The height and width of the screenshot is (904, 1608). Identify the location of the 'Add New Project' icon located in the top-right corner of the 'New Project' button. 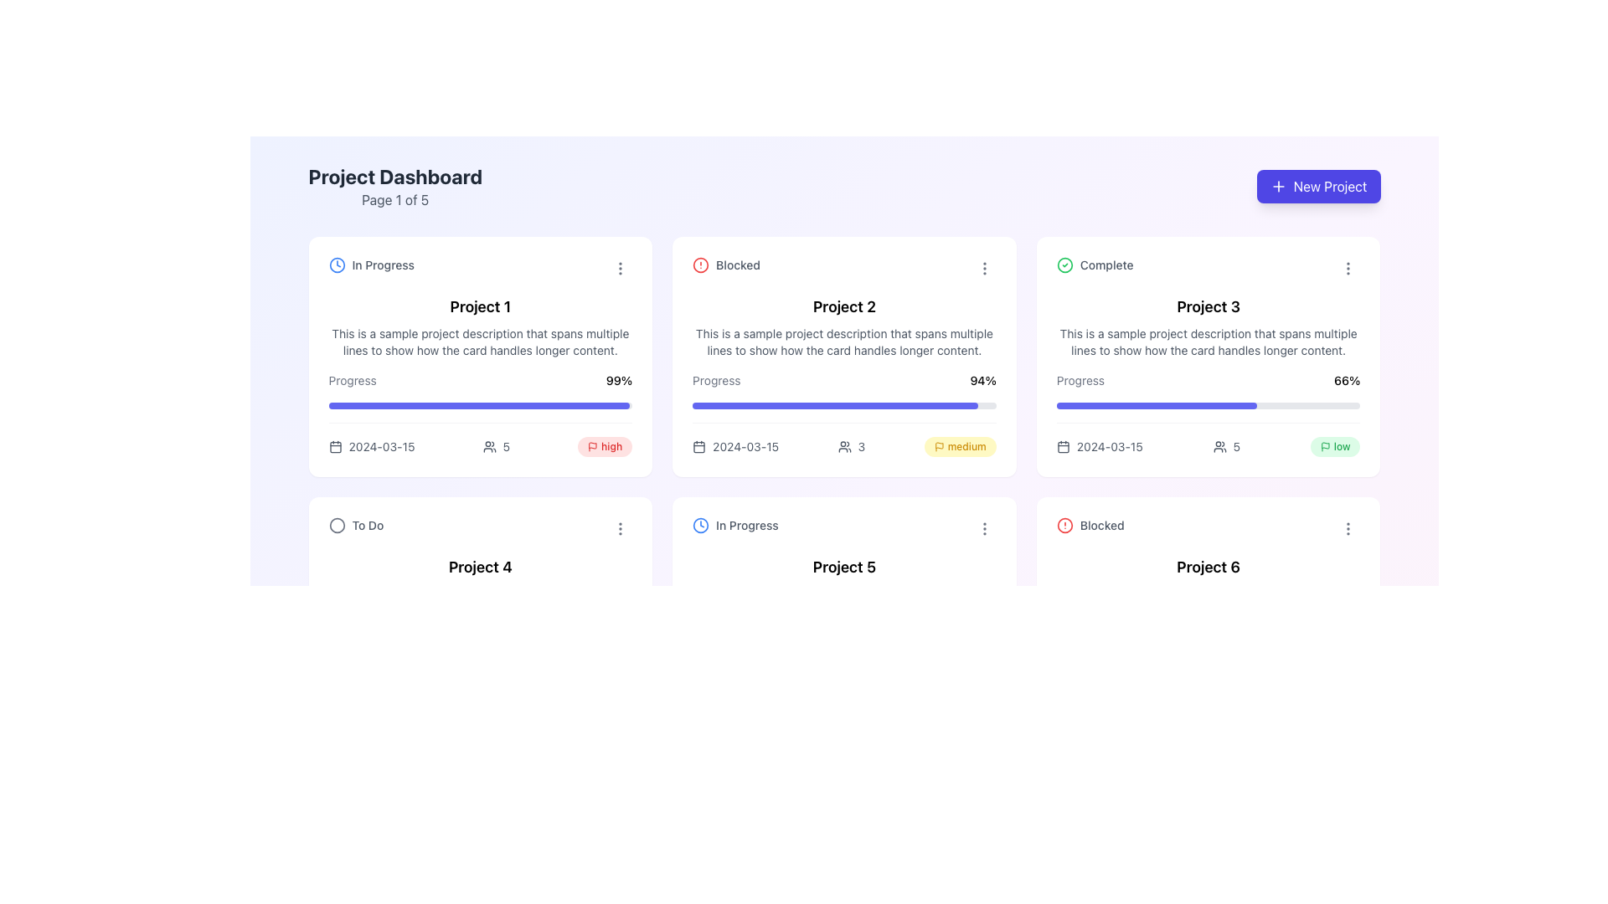
(1277, 187).